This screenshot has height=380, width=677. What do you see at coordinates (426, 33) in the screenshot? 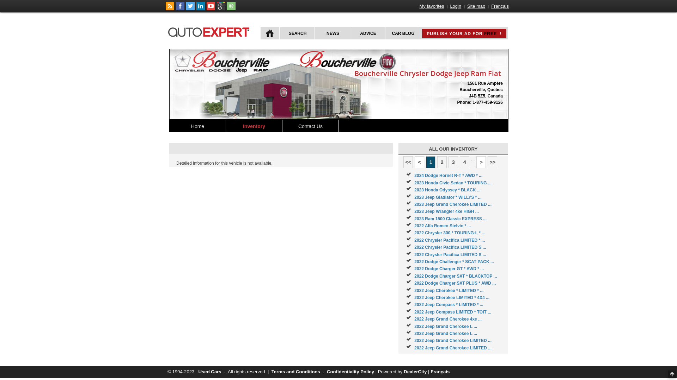
I see `'PUBLISH YOUR AD FOR FREE  !'` at bounding box center [426, 33].